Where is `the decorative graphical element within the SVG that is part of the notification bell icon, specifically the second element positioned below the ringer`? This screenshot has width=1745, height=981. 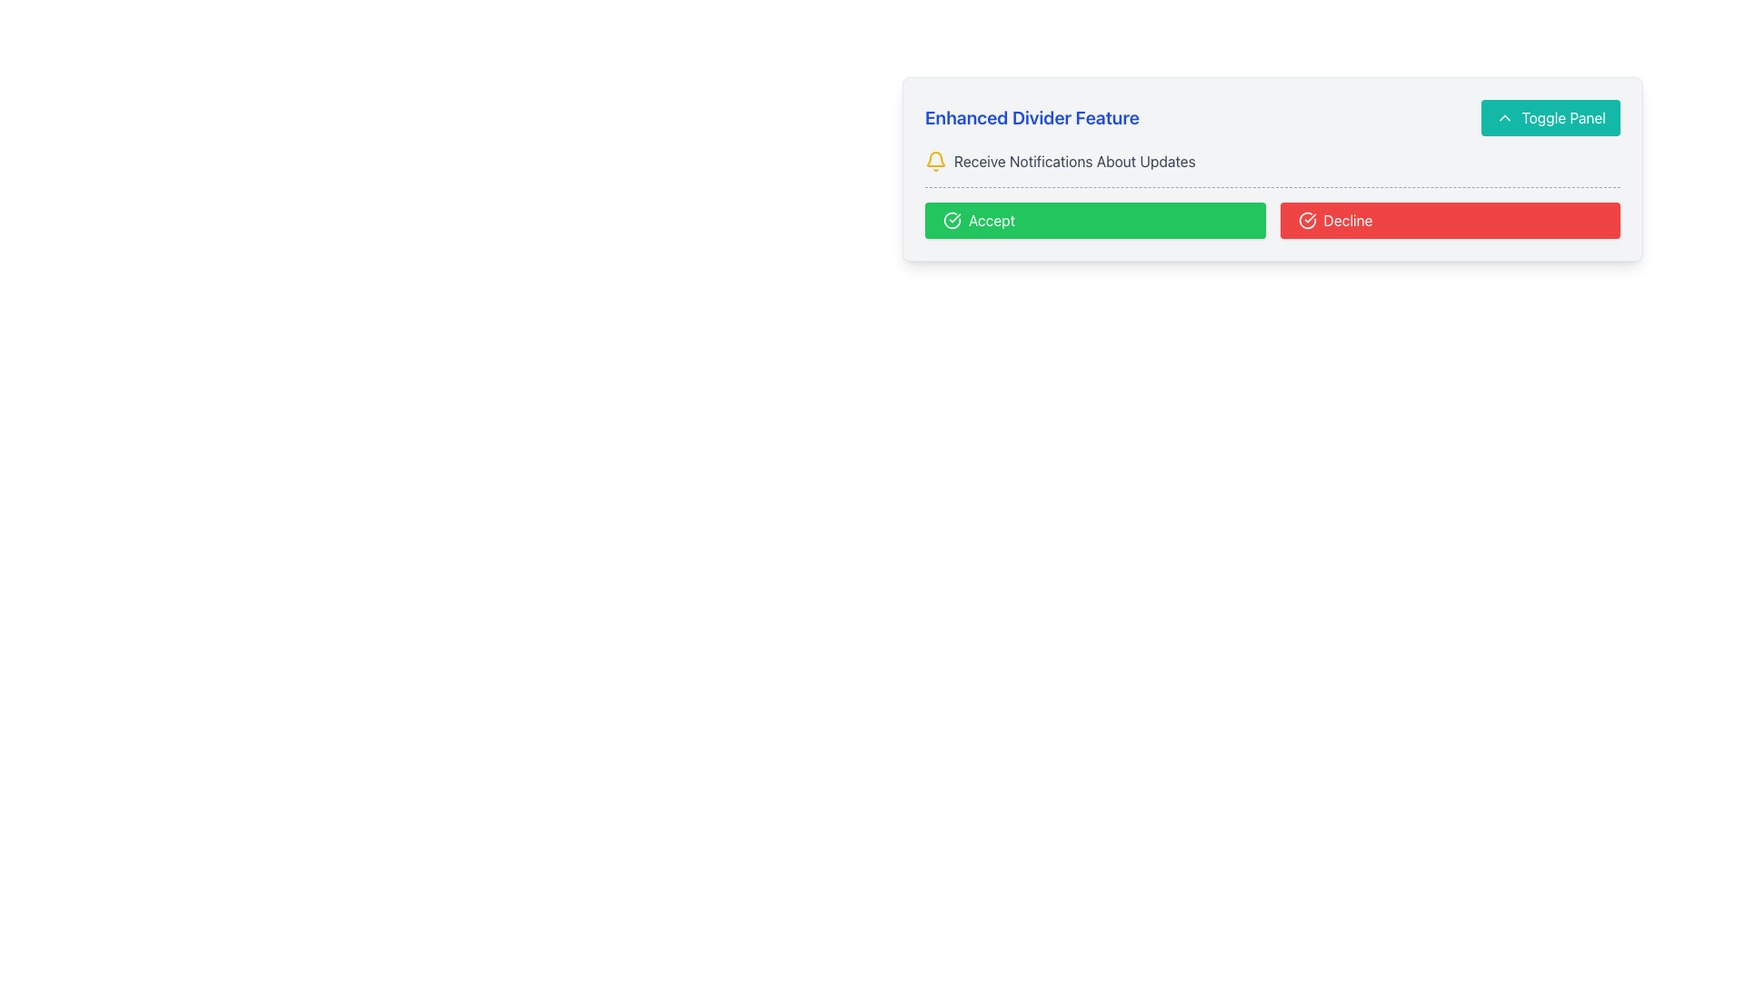
the decorative graphical element within the SVG that is part of the notification bell icon, specifically the second element positioned below the ringer is located at coordinates (936, 158).